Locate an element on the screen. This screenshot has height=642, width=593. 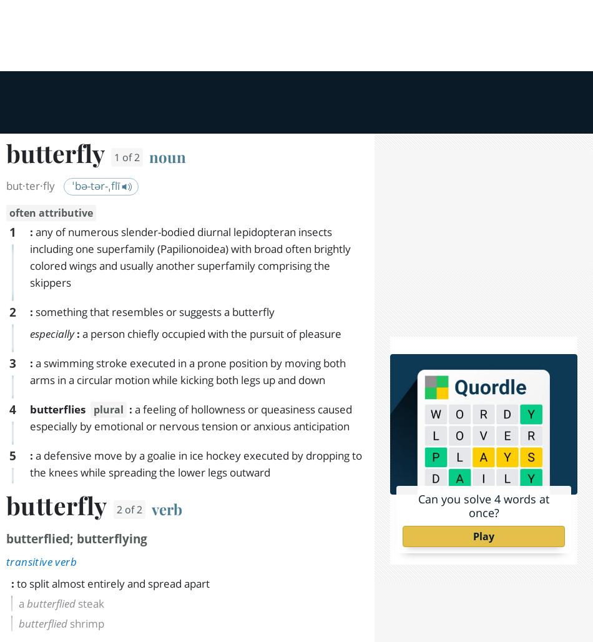
'Merriam-Webster unabridged' is located at coordinates (186, 557).